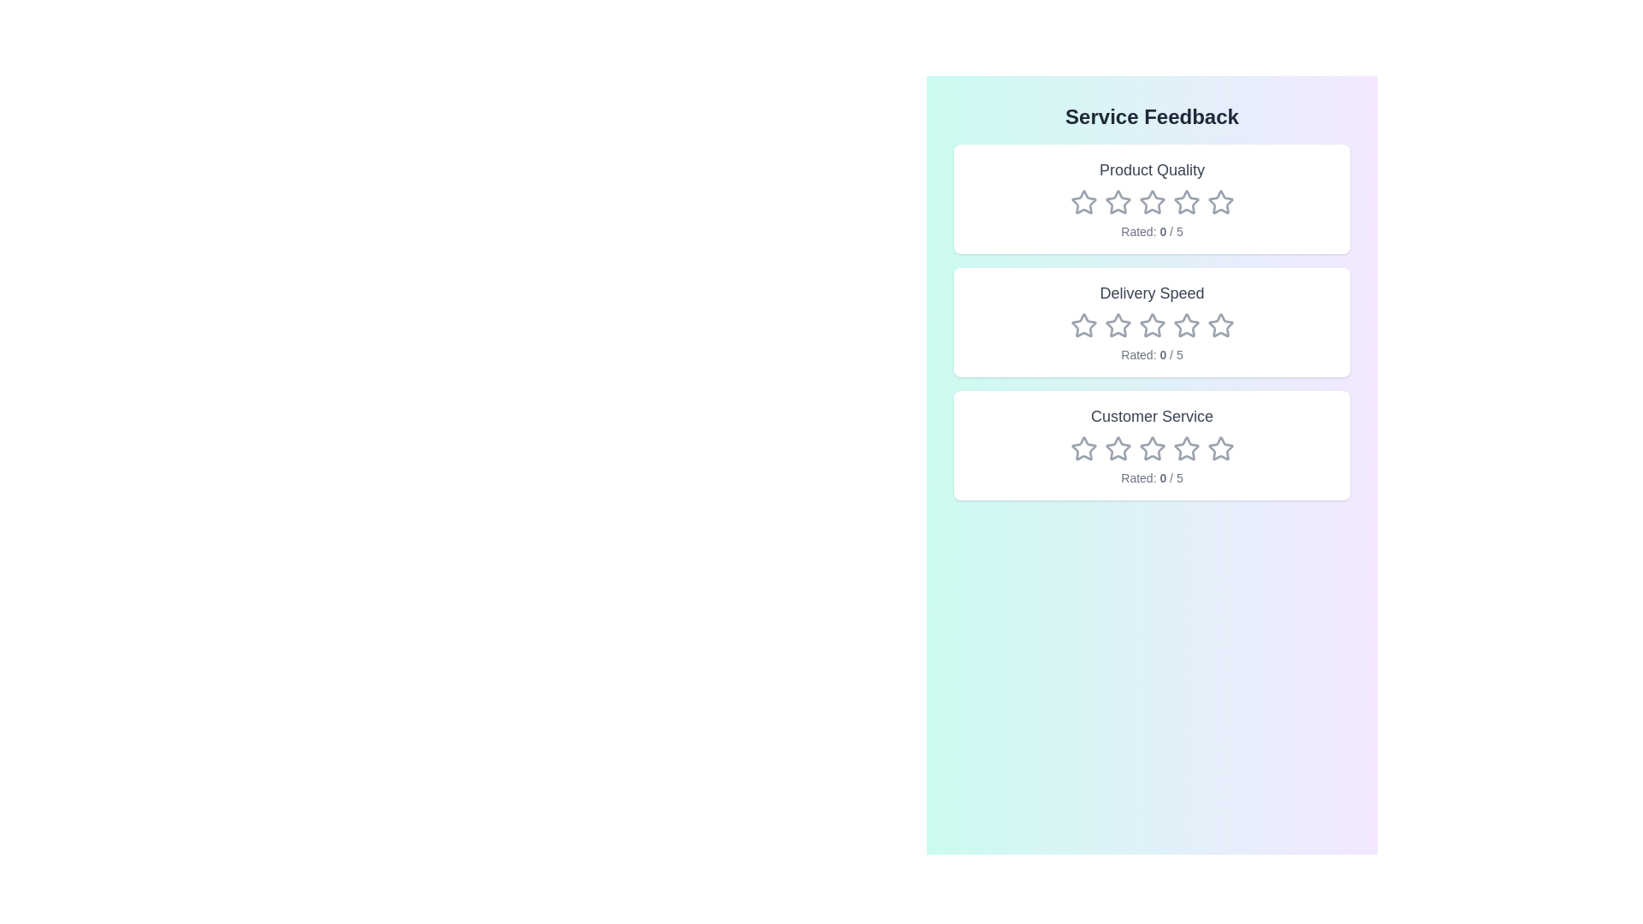  What do you see at coordinates (1152, 201) in the screenshot?
I see `the star icon for 3 stars in the 'Product Quality' section` at bounding box center [1152, 201].